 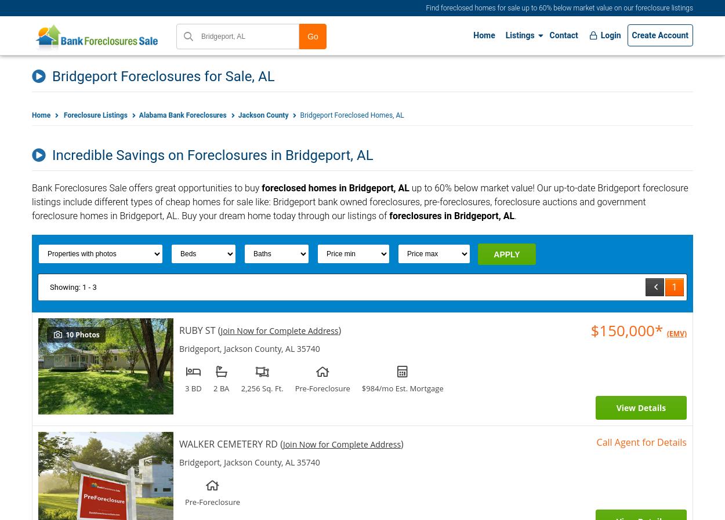 What do you see at coordinates (182, 115) in the screenshot?
I see `'Alabama Bank Foreclosures'` at bounding box center [182, 115].